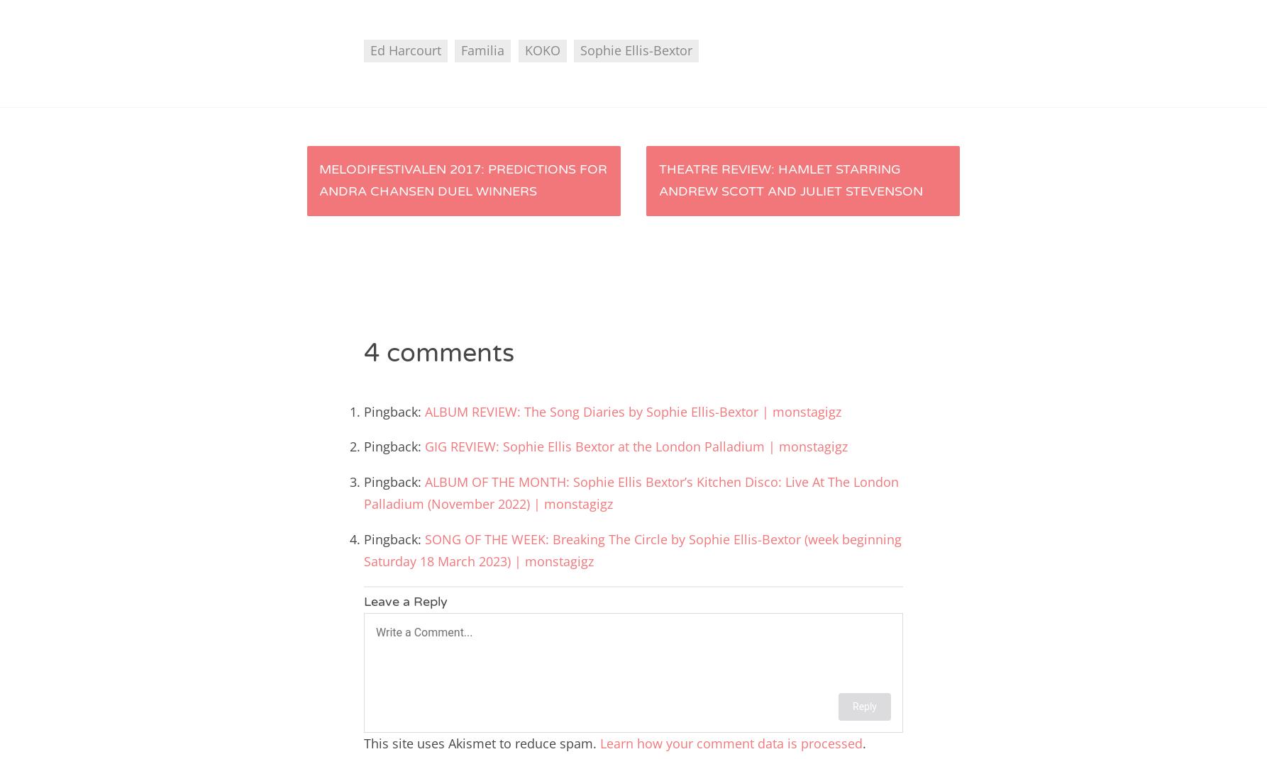 Image resolution: width=1267 pixels, height=759 pixels. What do you see at coordinates (405, 601) in the screenshot?
I see `'Leave a Reply'` at bounding box center [405, 601].